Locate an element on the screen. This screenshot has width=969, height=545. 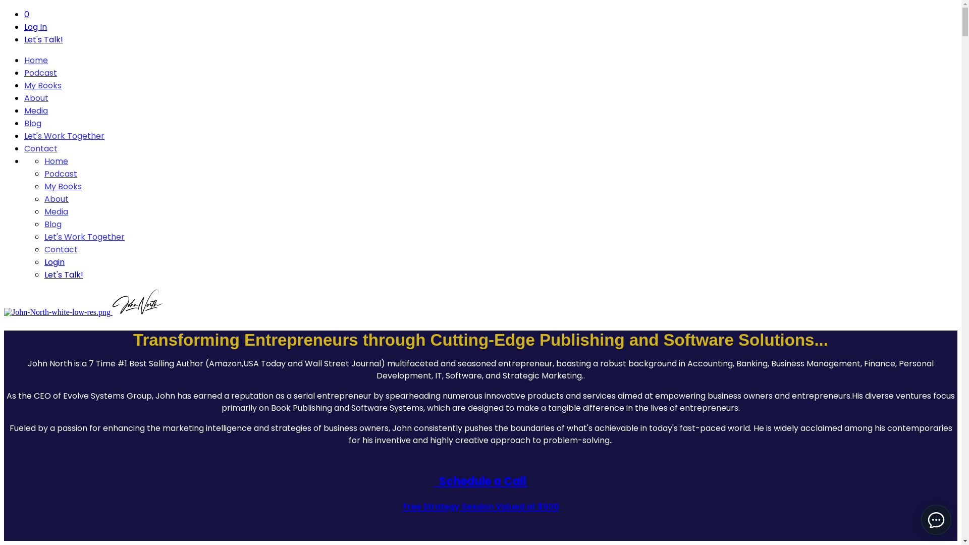
'Contact' is located at coordinates (40, 148).